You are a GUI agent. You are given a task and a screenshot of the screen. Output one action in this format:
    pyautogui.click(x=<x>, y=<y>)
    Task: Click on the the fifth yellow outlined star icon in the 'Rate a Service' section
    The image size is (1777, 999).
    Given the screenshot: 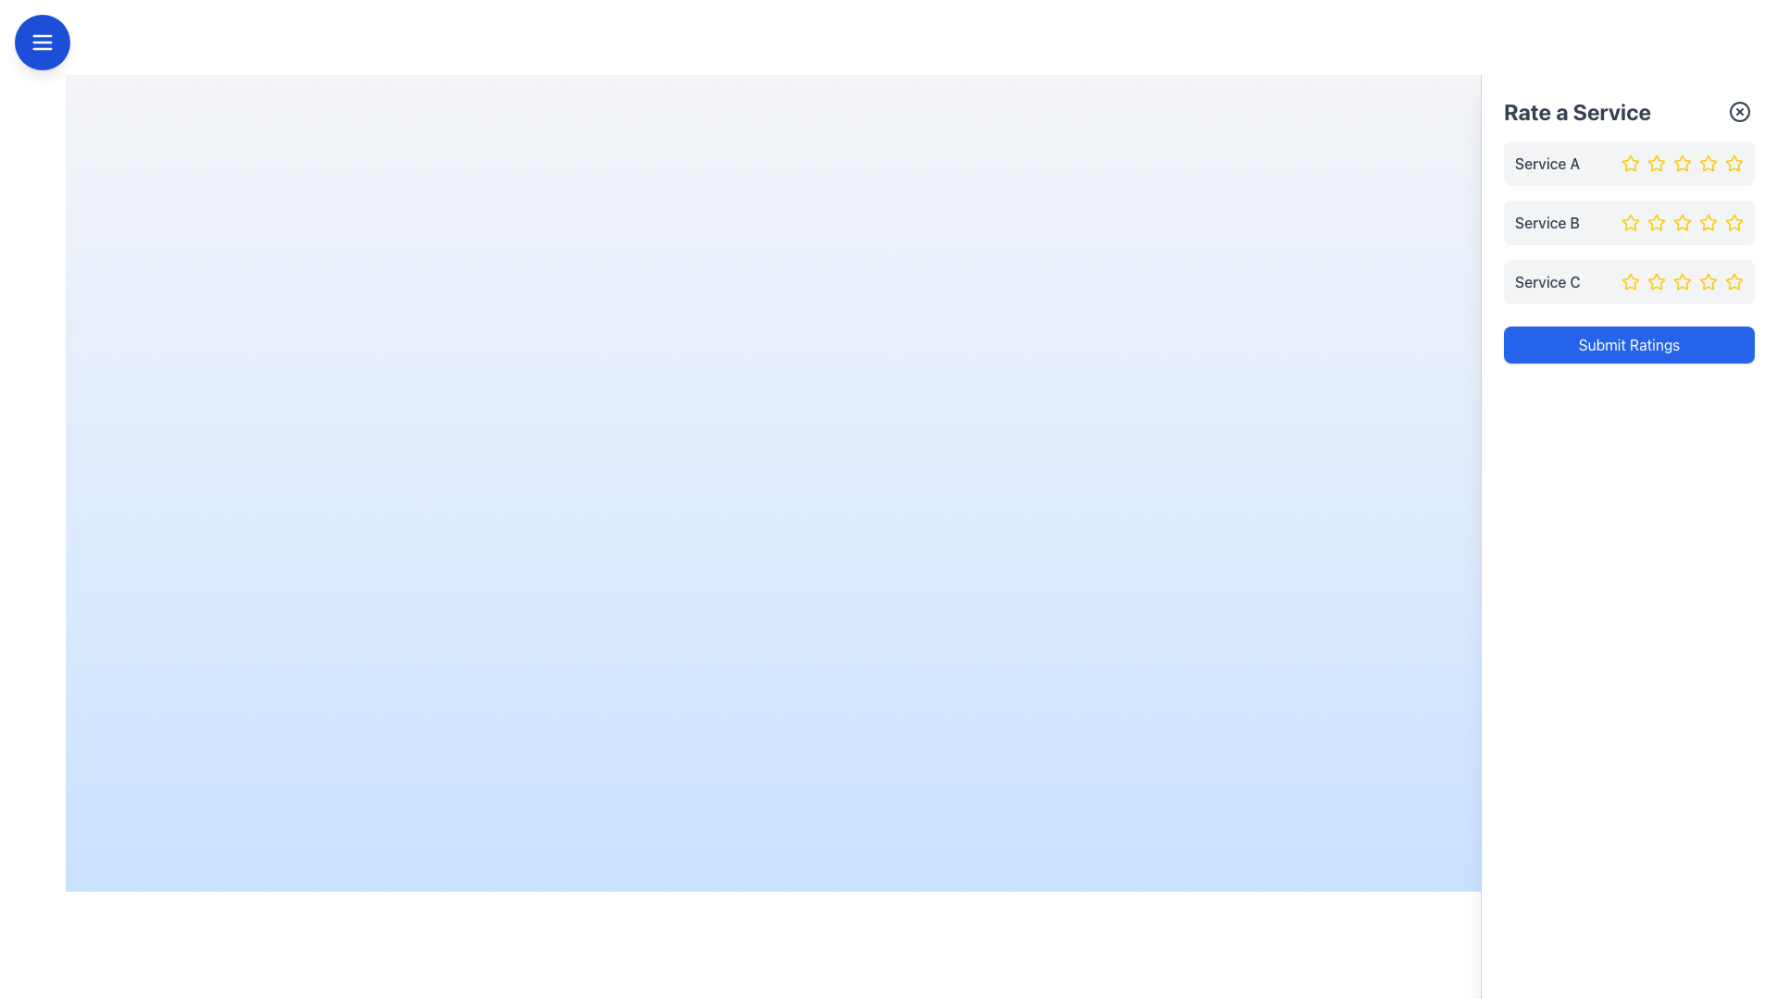 What is the action you would take?
    pyautogui.click(x=1708, y=221)
    